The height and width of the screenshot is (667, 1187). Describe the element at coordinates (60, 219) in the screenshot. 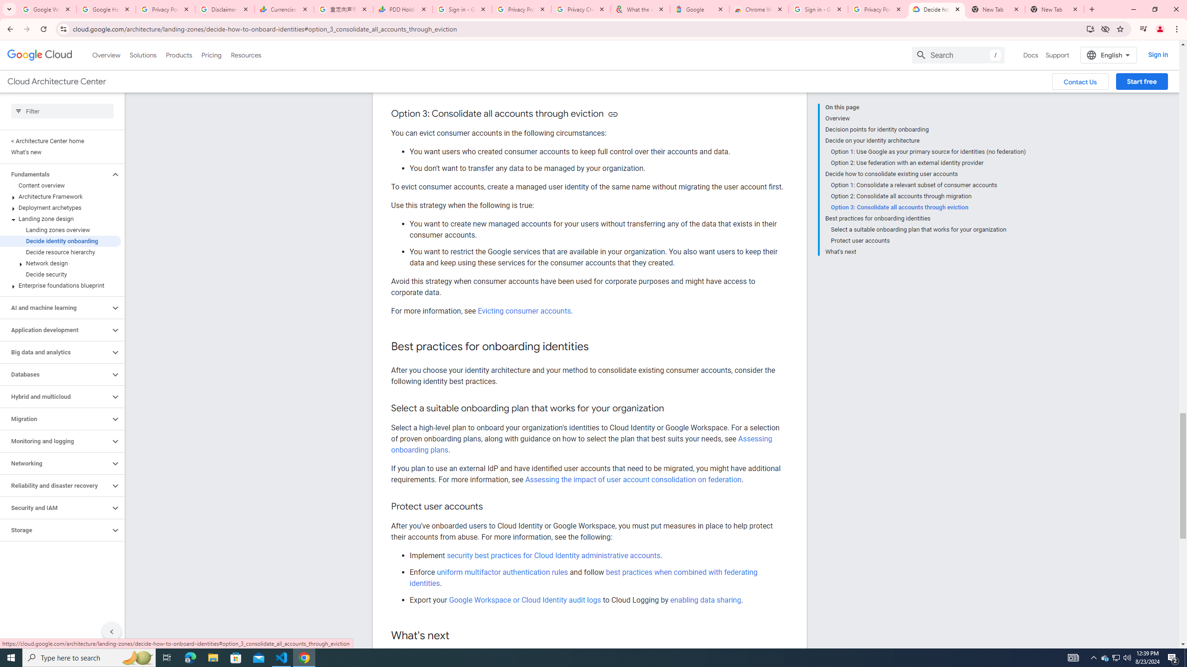

I see `'Landing zone design'` at that location.